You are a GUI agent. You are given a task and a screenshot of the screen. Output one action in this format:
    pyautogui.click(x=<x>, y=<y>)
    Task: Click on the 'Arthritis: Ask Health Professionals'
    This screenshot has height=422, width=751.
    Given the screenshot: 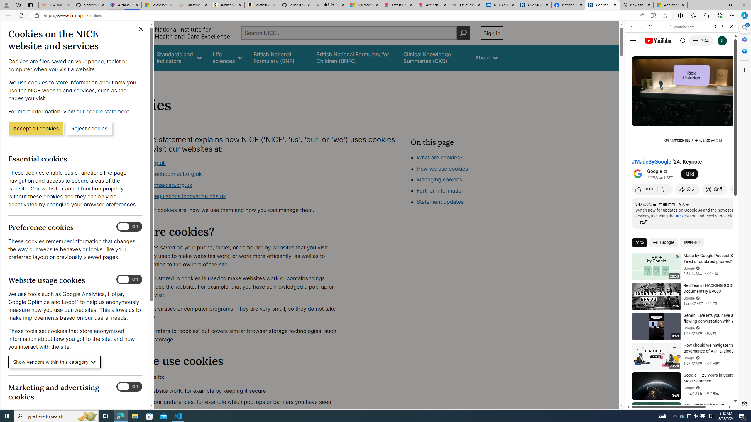 What is the action you would take?
    pyautogui.click(x=432, y=5)
    